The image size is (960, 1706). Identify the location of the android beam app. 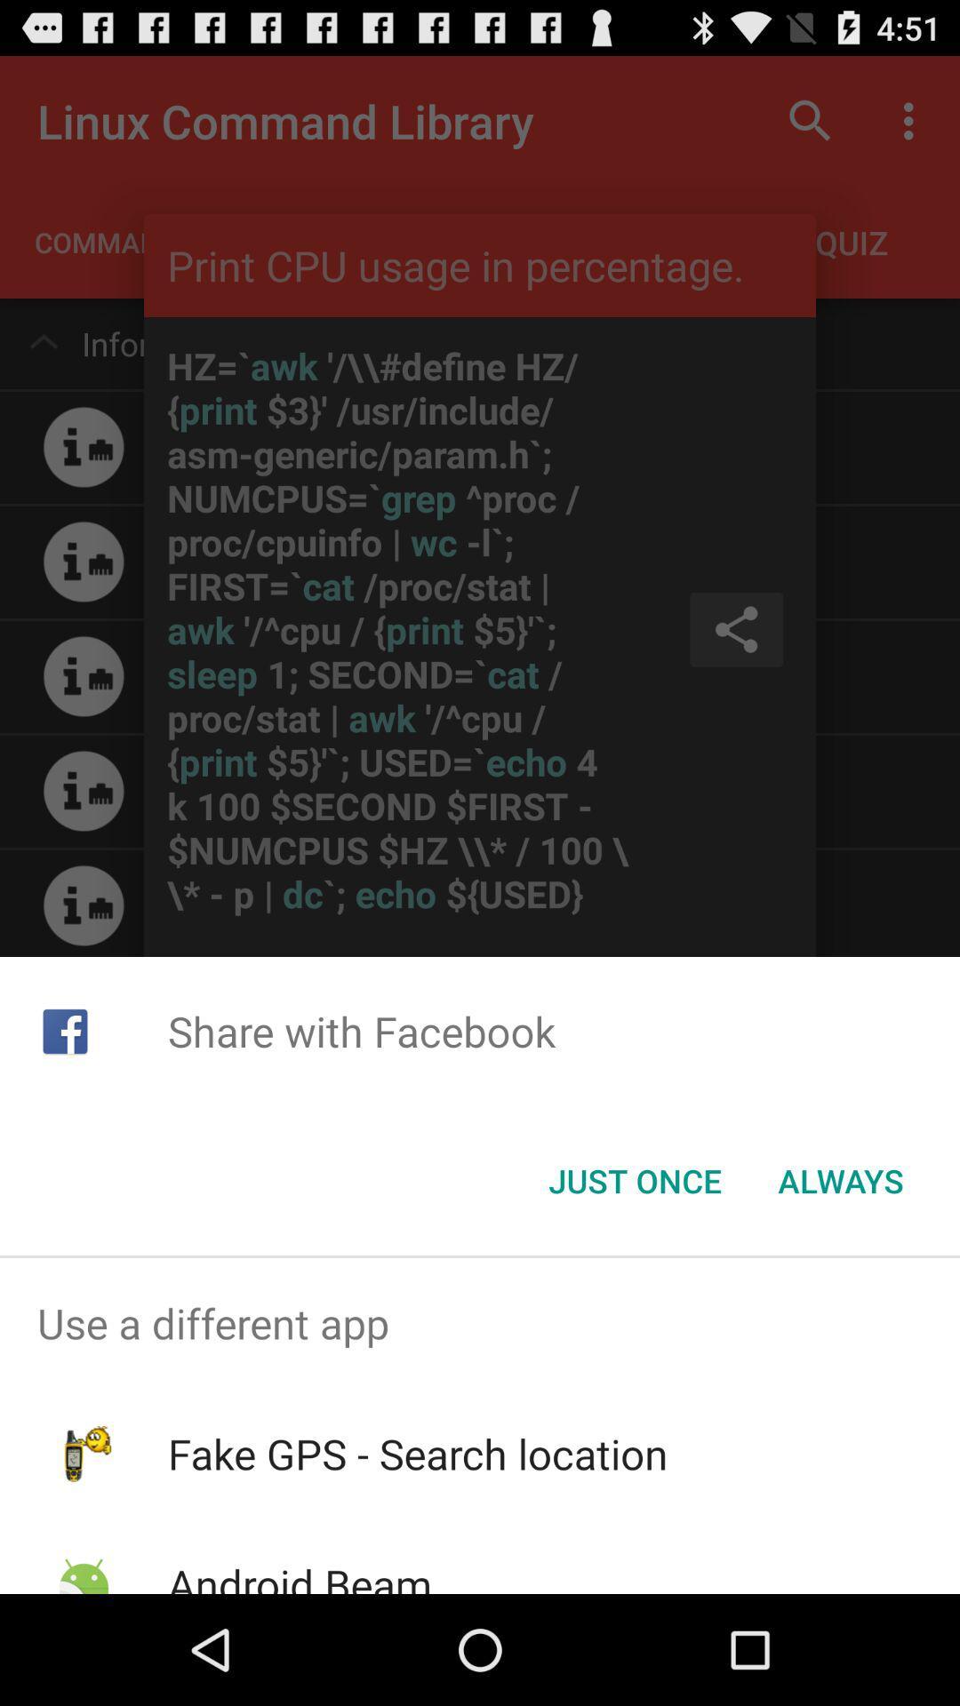
(299, 1574).